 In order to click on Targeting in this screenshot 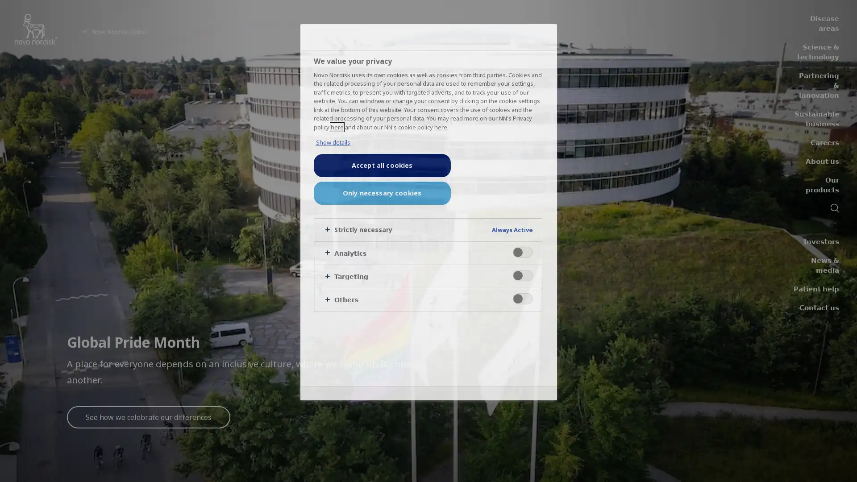, I will do `click(427, 276)`.